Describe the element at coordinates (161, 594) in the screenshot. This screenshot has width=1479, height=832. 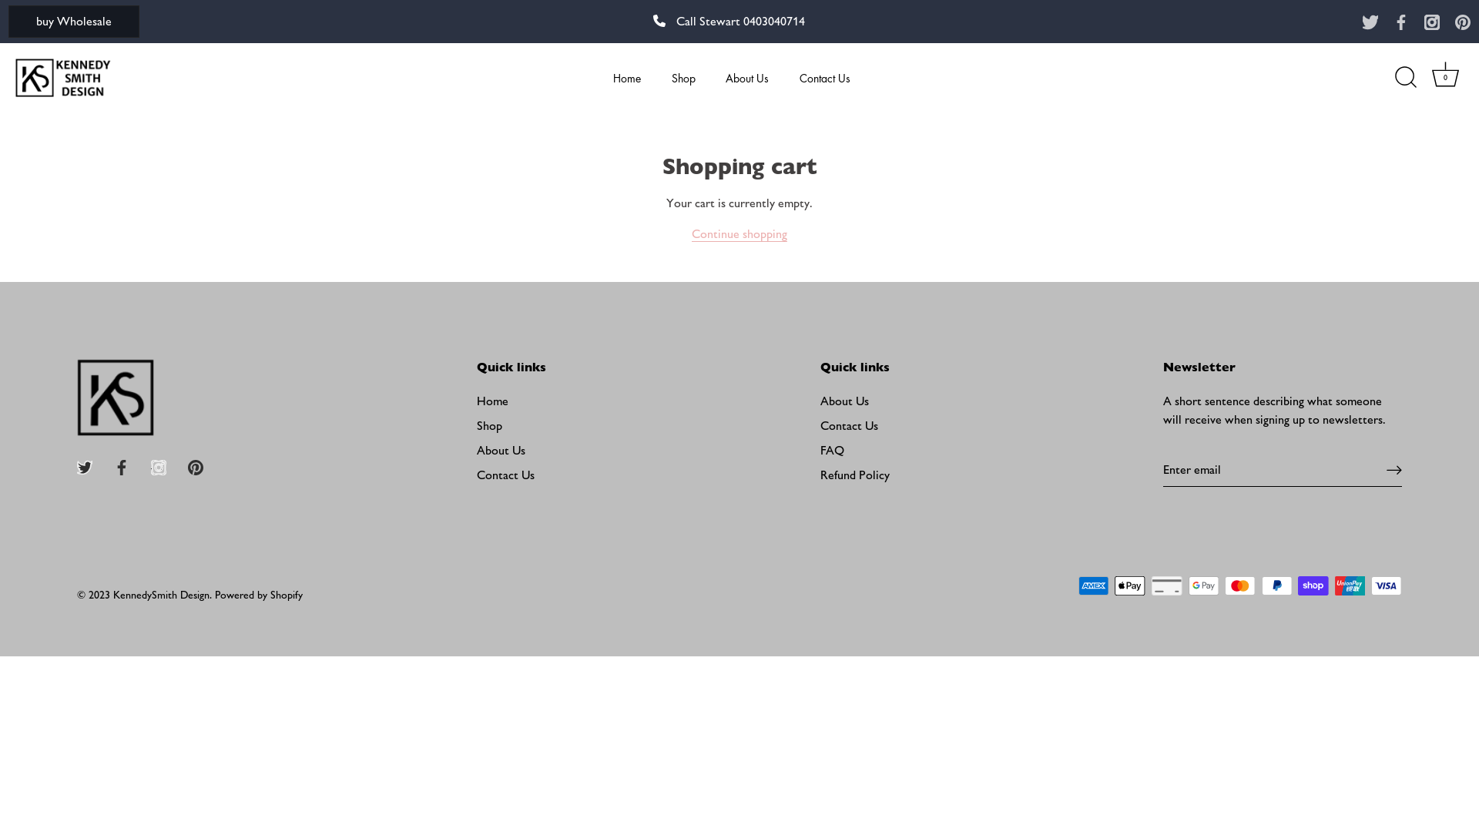
I see `'KennedySmith Design'` at that location.